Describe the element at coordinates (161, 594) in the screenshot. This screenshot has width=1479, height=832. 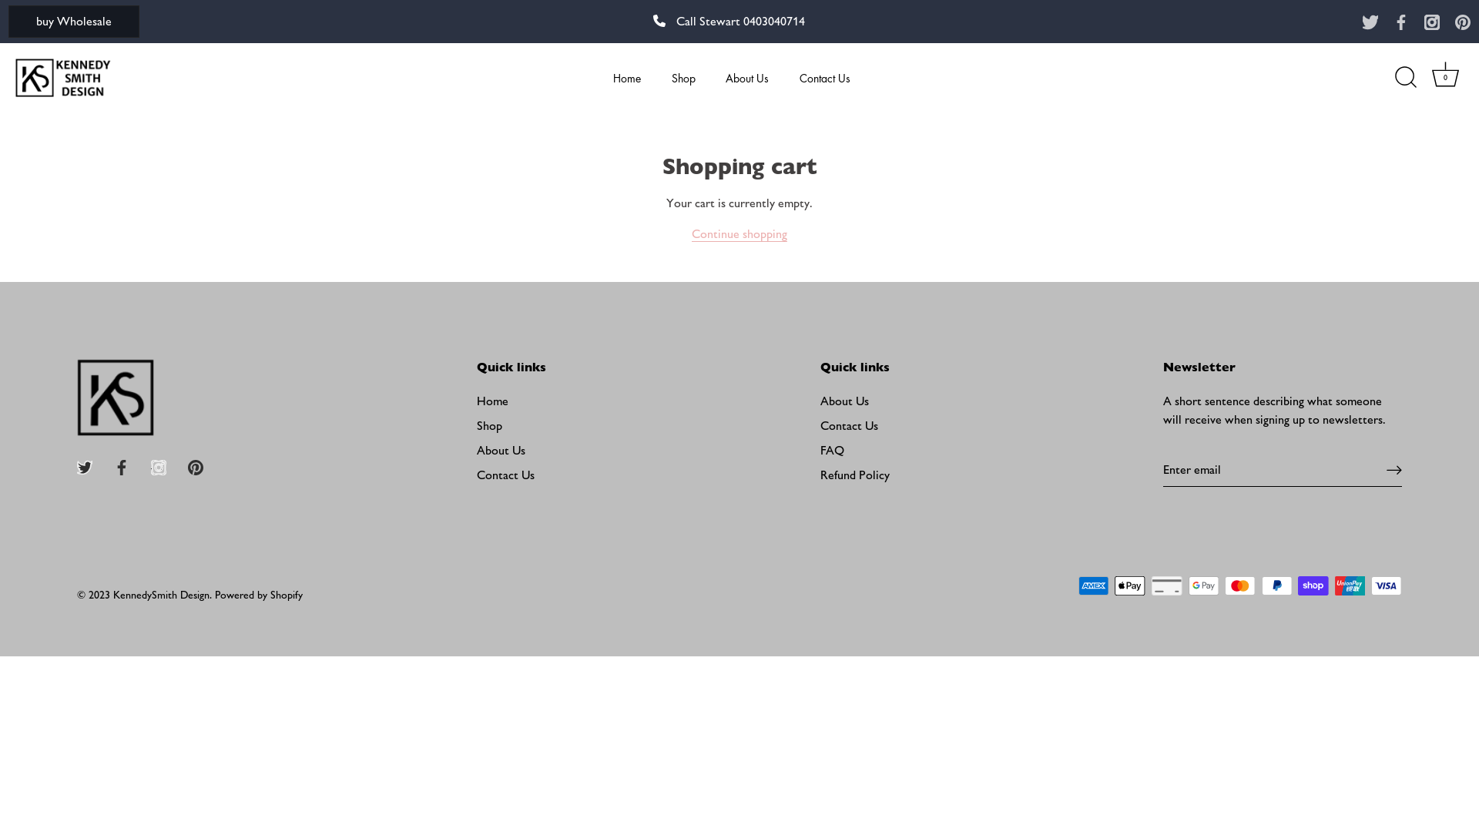
I see `'KennedySmith Design'` at that location.